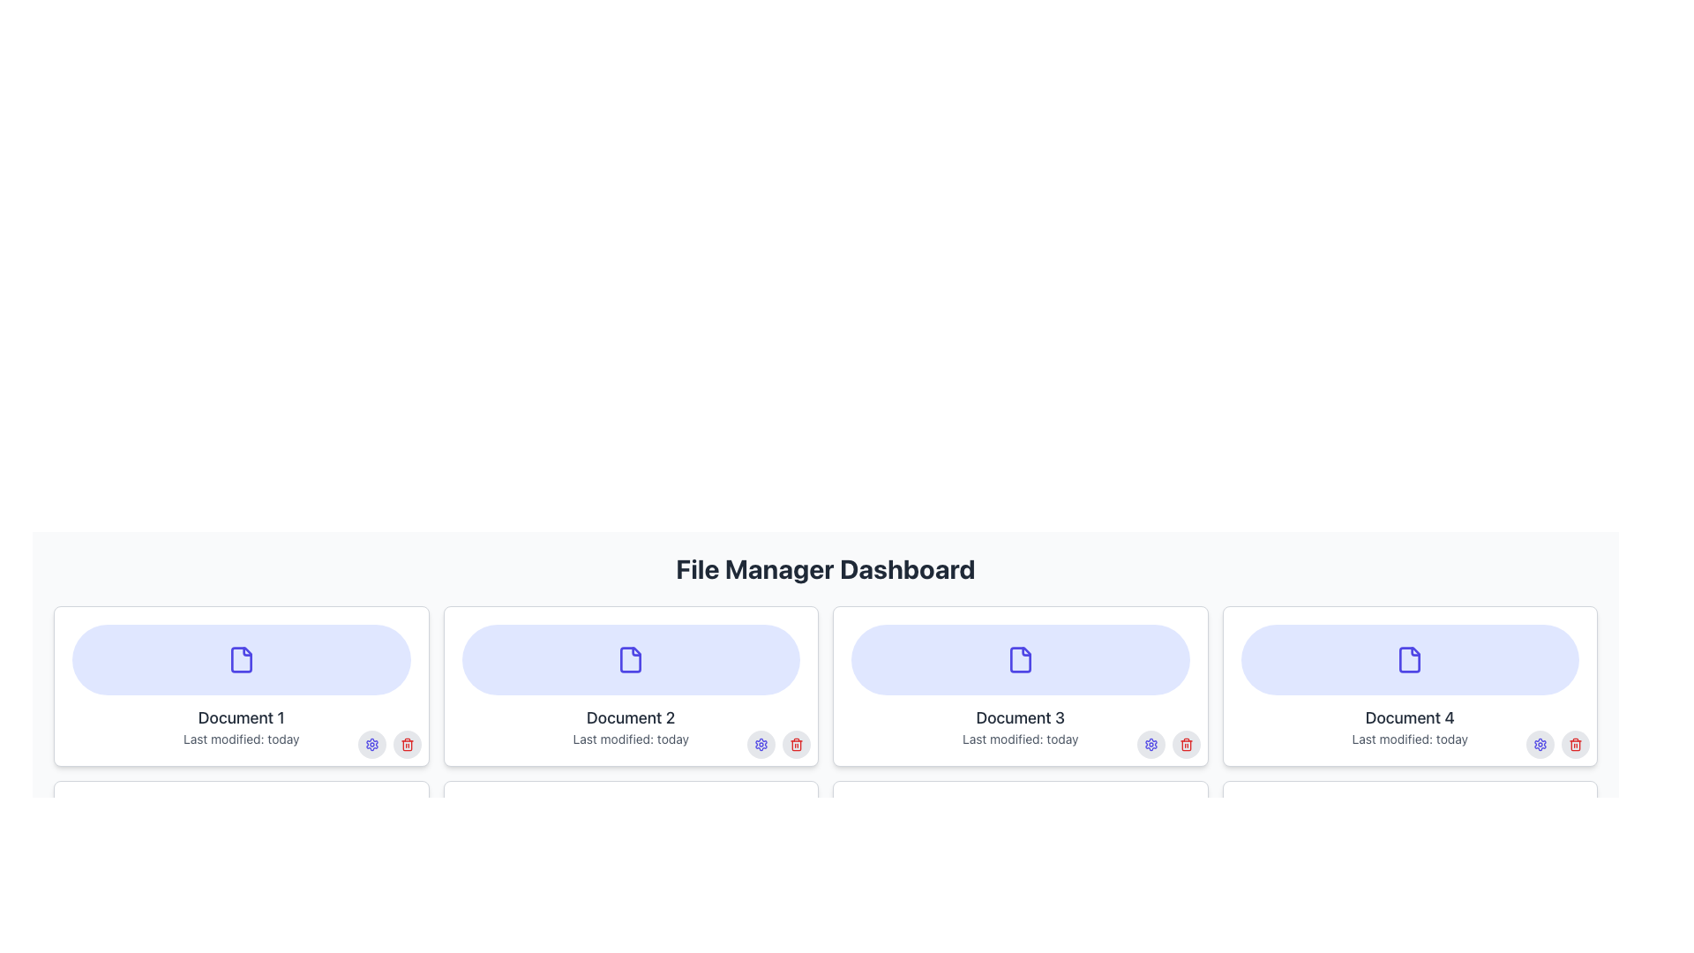 The height and width of the screenshot is (953, 1694). What do you see at coordinates (240, 660) in the screenshot?
I see `the document icon with rounded edges, which is prominently displayed at the center-top of the card labeled 'Document 1'` at bounding box center [240, 660].